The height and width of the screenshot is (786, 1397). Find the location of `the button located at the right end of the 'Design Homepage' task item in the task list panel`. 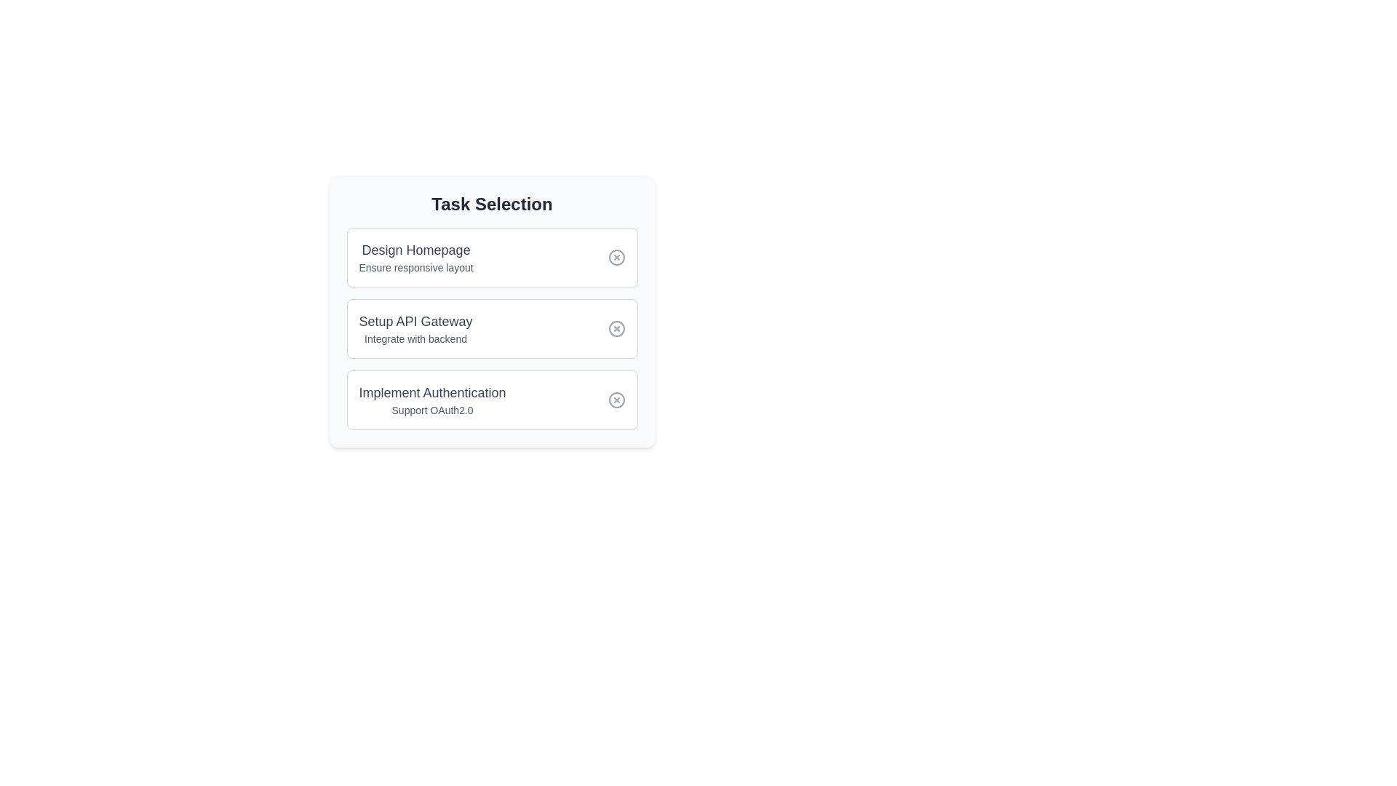

the button located at the right end of the 'Design Homepage' task item in the task list panel is located at coordinates (616, 257).